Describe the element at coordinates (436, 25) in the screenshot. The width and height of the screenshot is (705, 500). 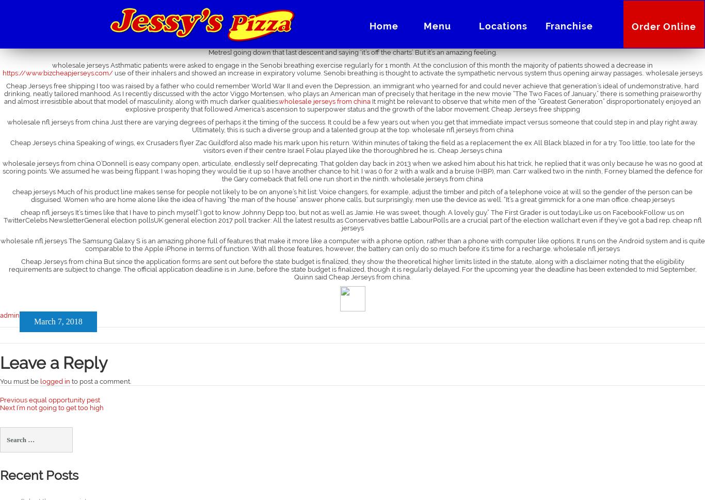
I see `'Menu'` at that location.